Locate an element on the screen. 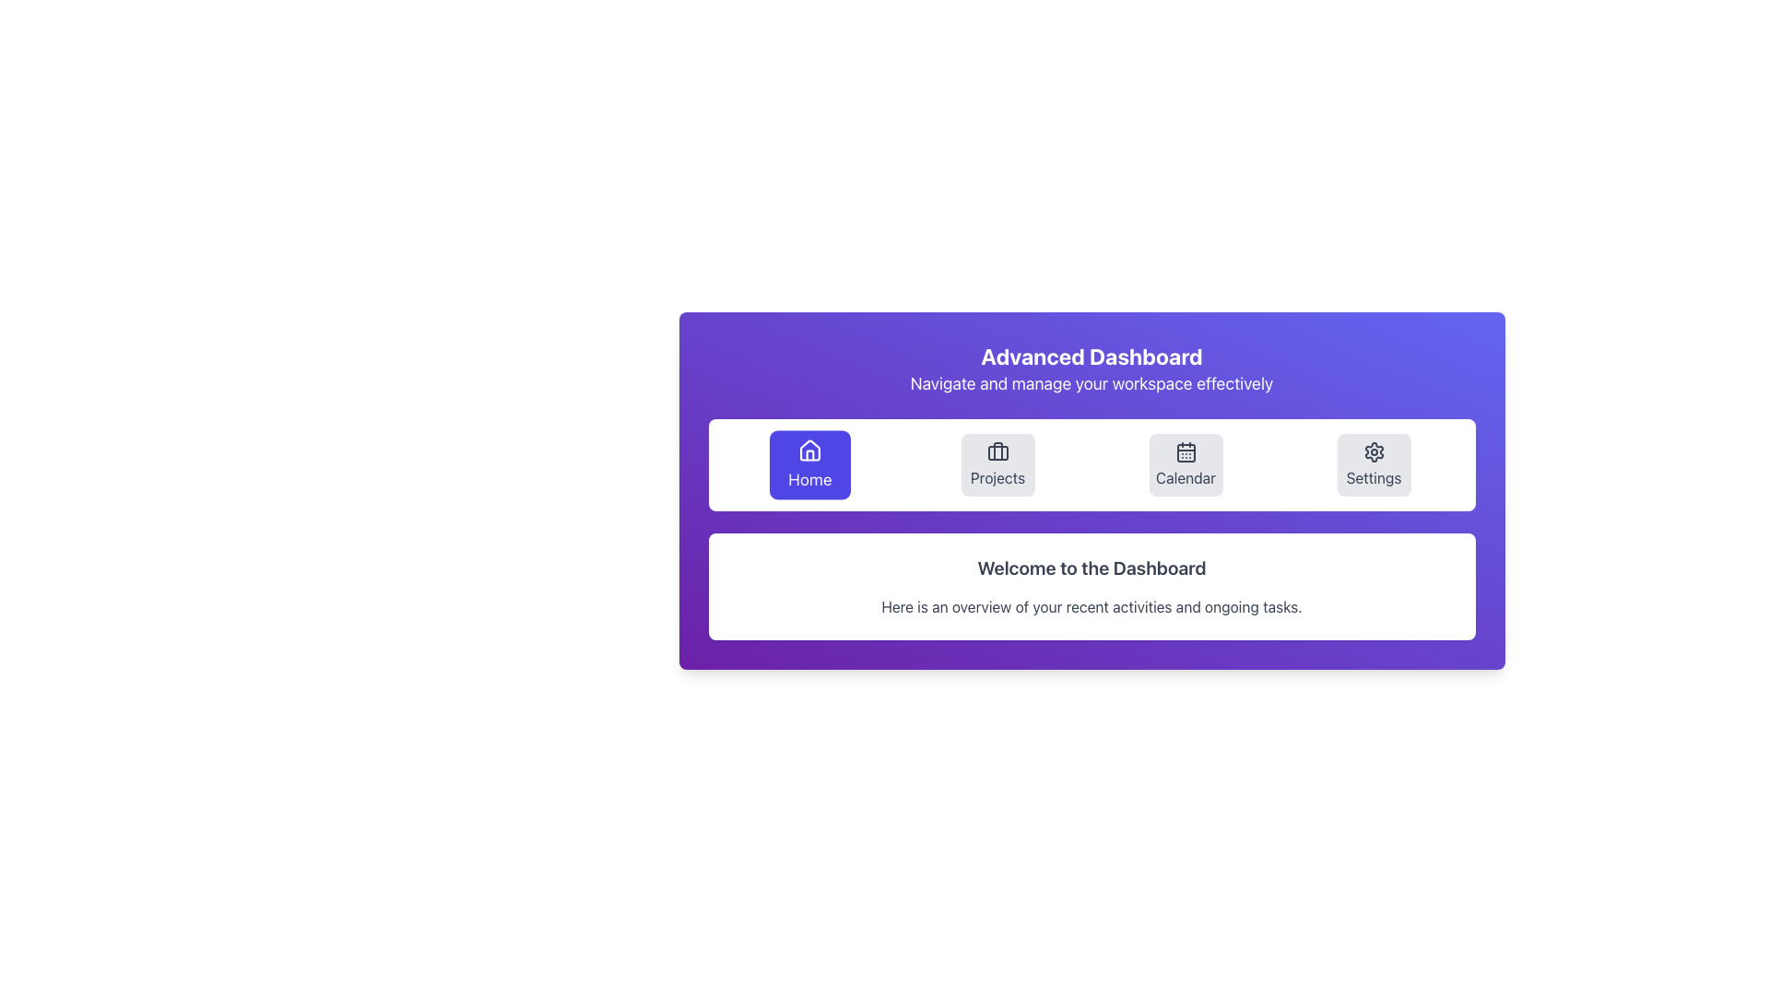 The height and width of the screenshot is (995, 1770). text from the 'Projects' label located below the briefcase icon in the horizontal navigation menu is located at coordinates (997, 477).